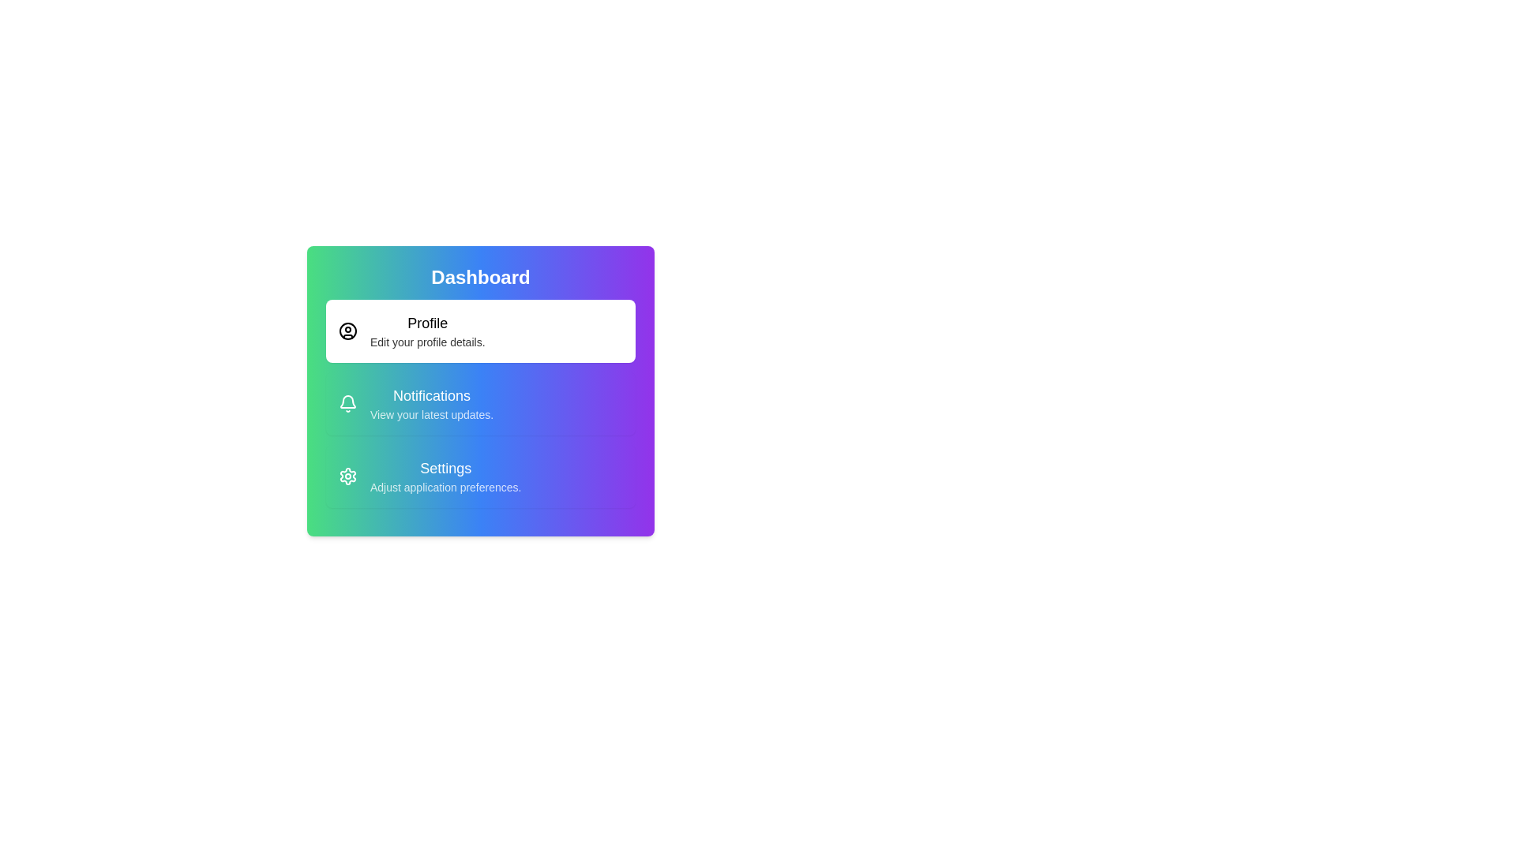  Describe the element at coordinates (480, 403) in the screenshot. I see `the menu option Notifications` at that location.